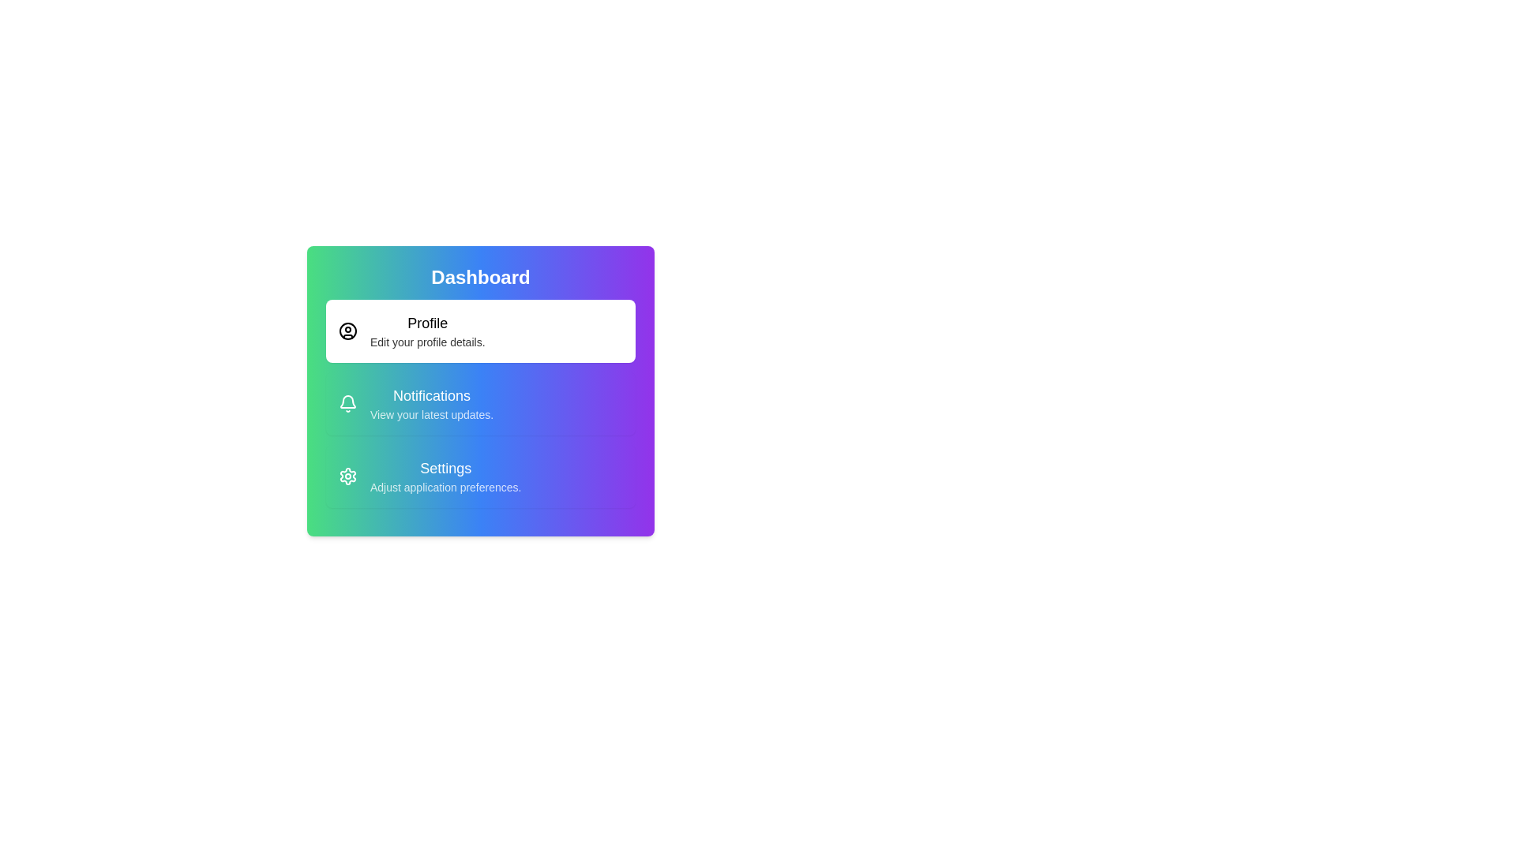  Describe the element at coordinates (480, 403) in the screenshot. I see `the menu option Notifications` at that location.